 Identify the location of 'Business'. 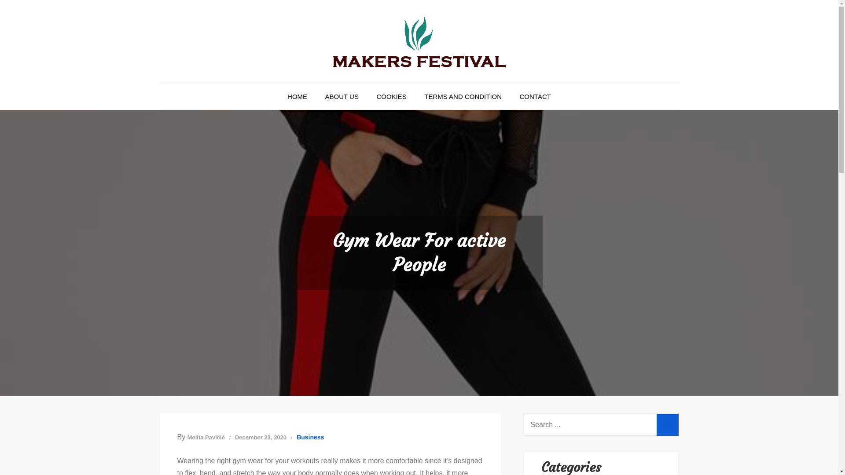
(310, 437).